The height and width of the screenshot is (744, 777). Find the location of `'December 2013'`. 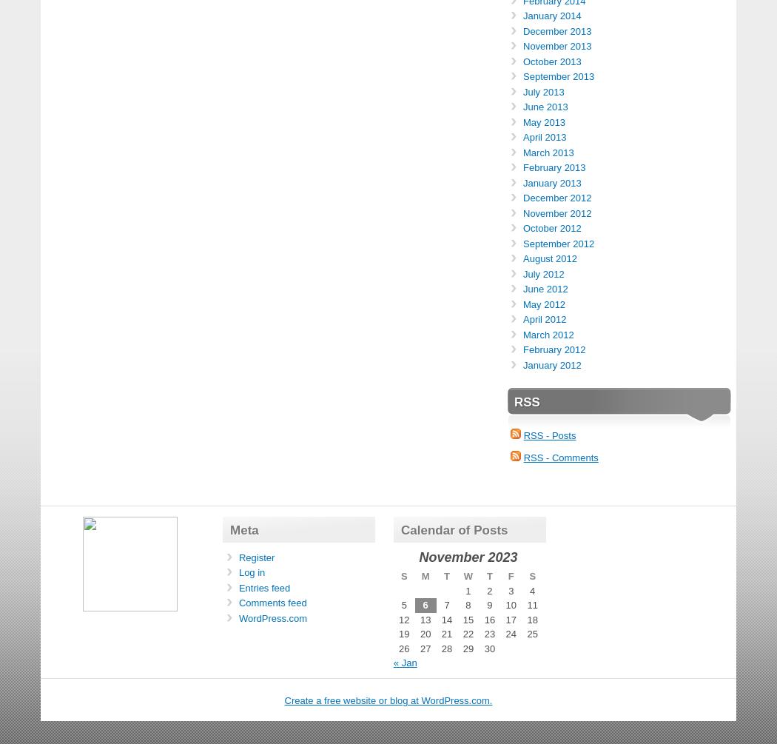

'December 2013' is located at coordinates (556, 30).